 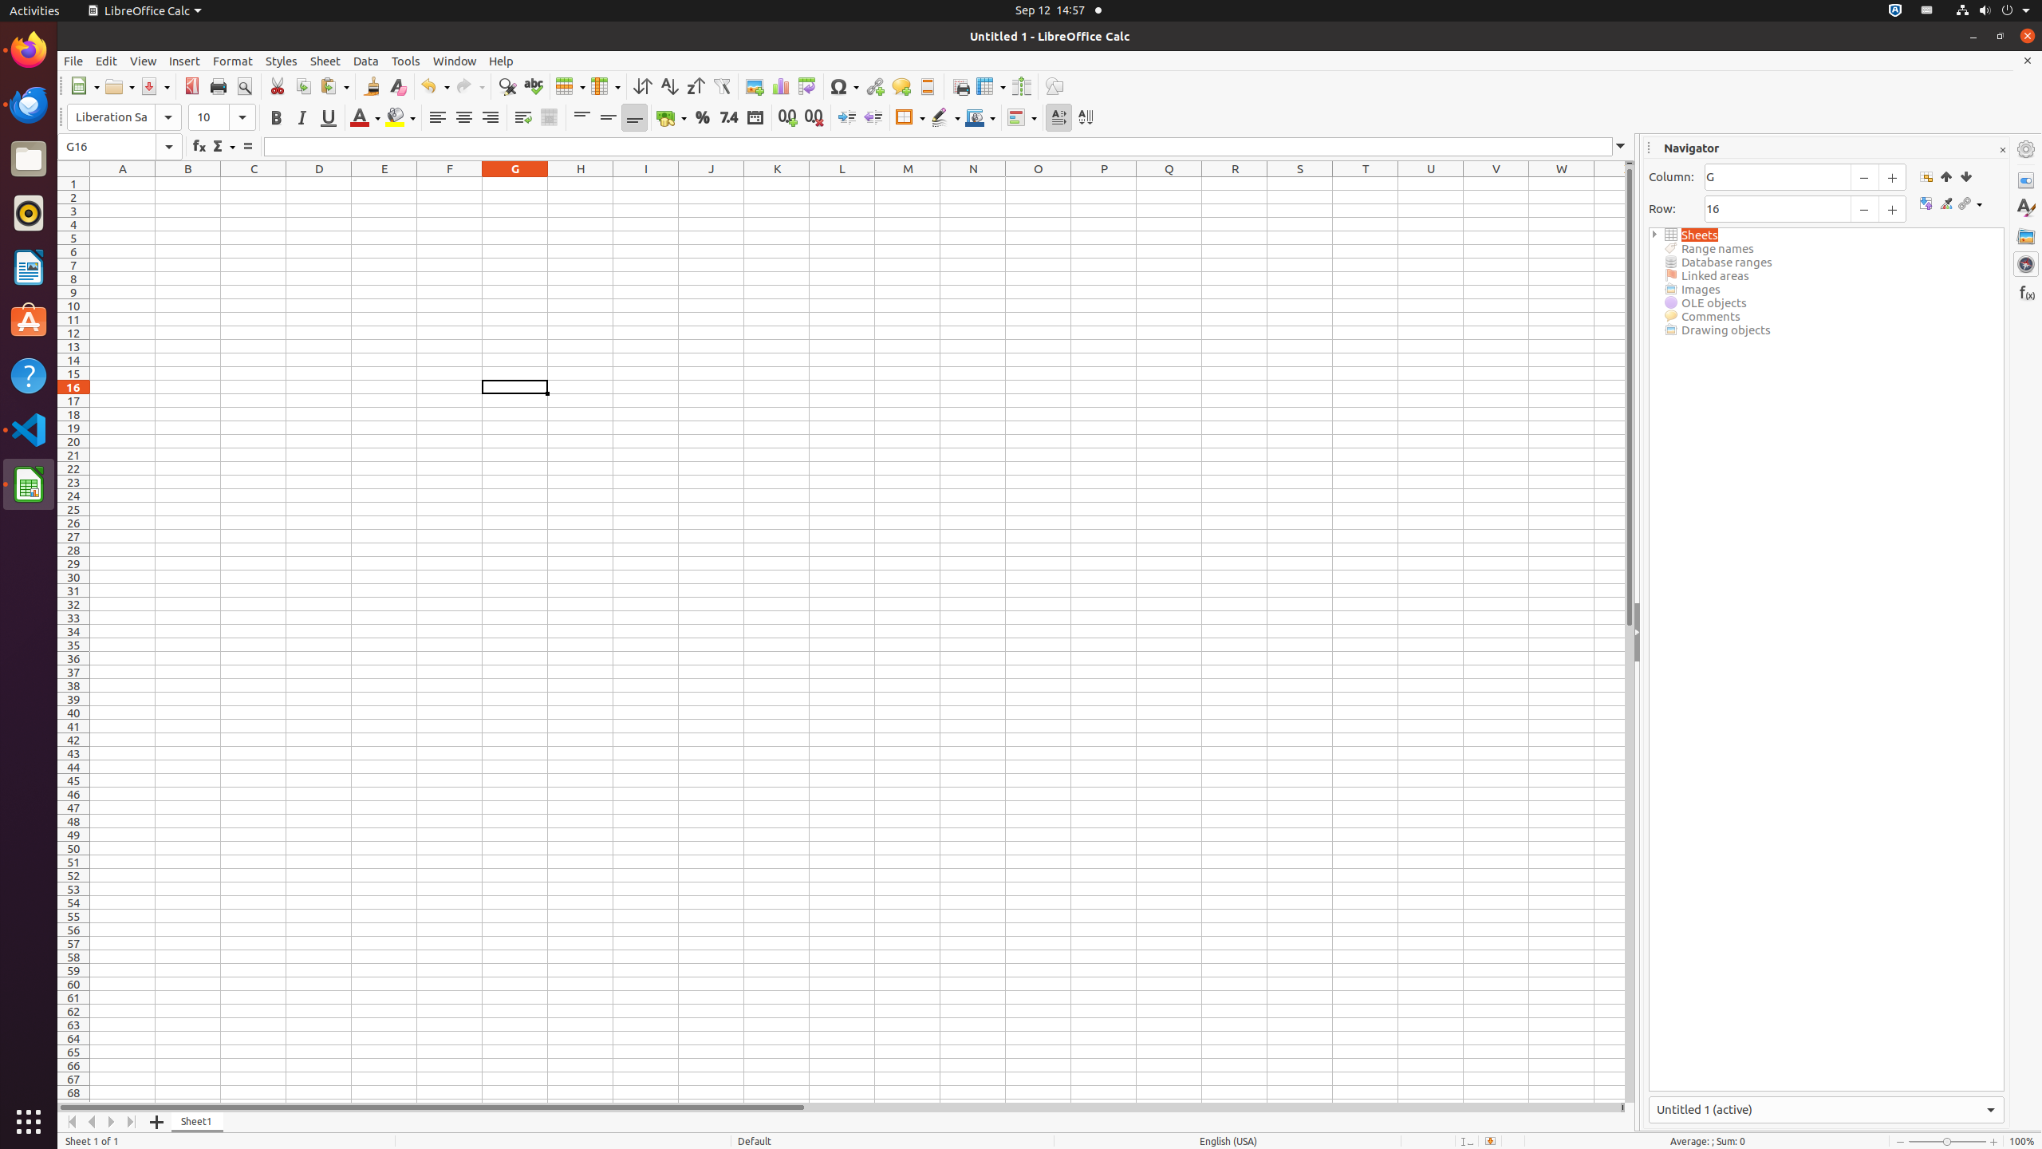 I want to click on 'F1', so click(x=448, y=183).